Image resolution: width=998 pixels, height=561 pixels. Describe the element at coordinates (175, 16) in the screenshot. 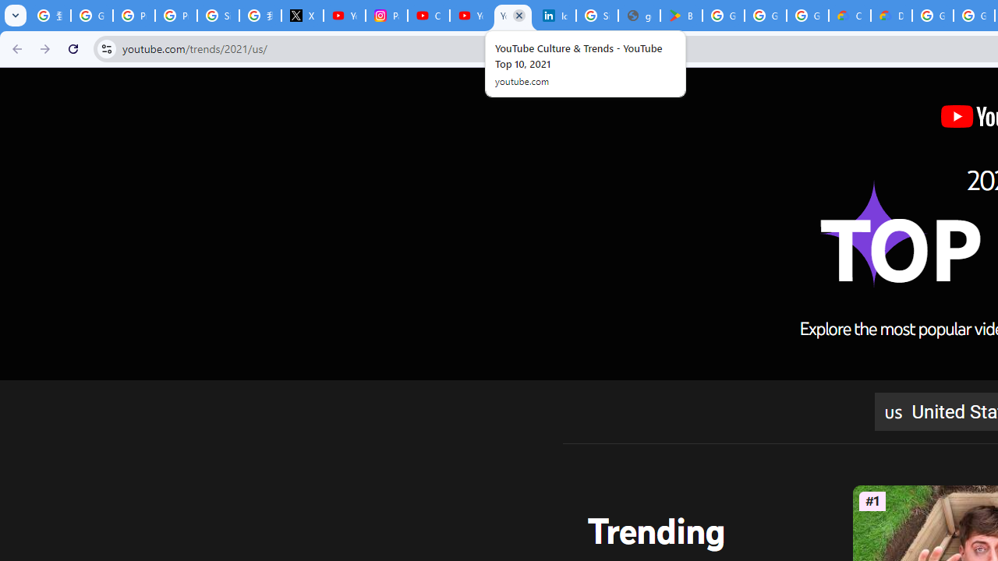

I see `'Privacy Help Center - Policies Help'` at that location.